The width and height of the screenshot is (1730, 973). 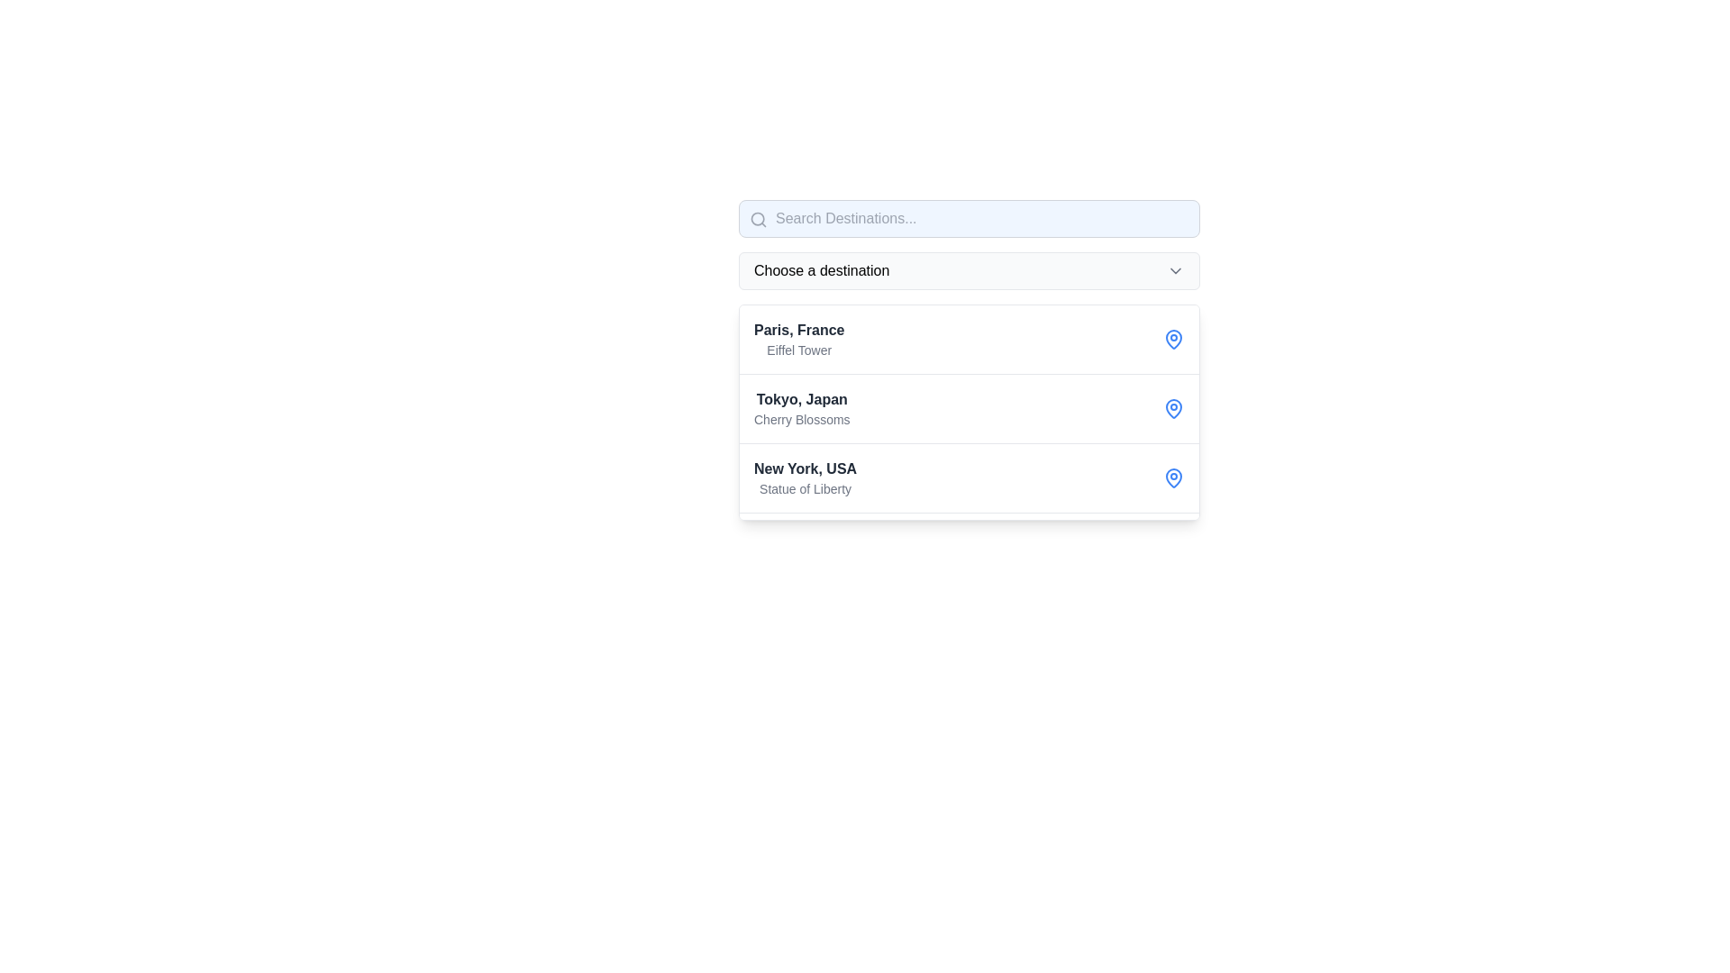 I want to click on the first selectable item in the dropdown menu labeled 'Paris, France' with the subtitle 'Eiffel Tower', so click(x=968, y=360).